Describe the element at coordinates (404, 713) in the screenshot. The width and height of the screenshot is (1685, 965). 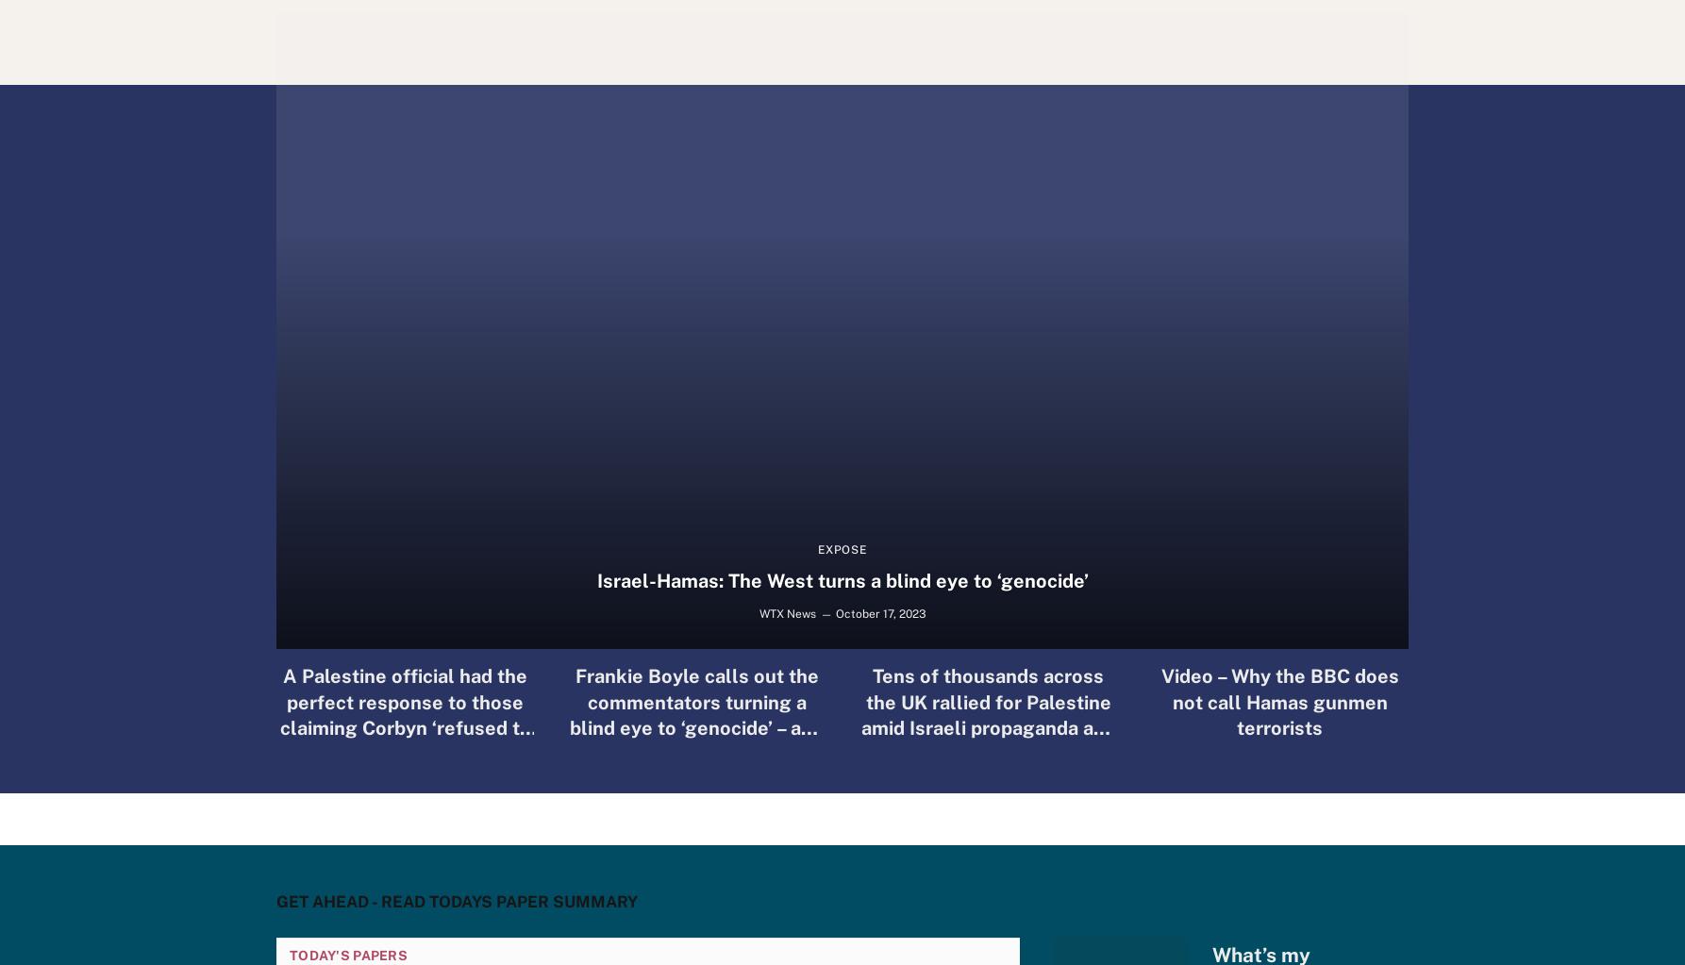
I see `'A Palestine official had the perfect response to those claiming Corbyn ‘refused to condemn Hamas’'` at that location.